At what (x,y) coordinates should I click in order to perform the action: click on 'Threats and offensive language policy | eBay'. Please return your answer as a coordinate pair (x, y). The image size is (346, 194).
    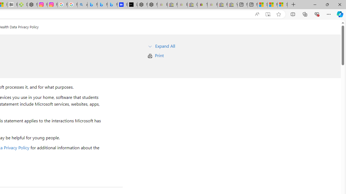
    Looking at the image, I should click on (202, 5).